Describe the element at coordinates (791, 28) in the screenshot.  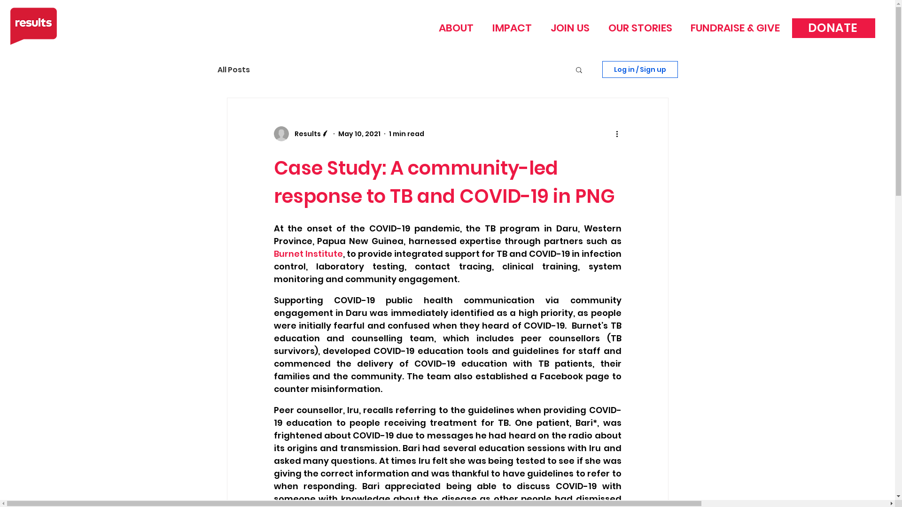
I see `'DONATE'` at that location.